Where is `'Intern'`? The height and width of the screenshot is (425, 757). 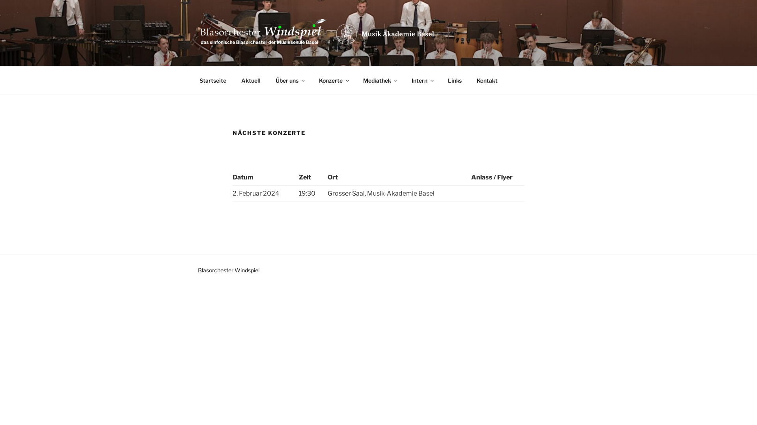
'Intern' is located at coordinates (421, 80).